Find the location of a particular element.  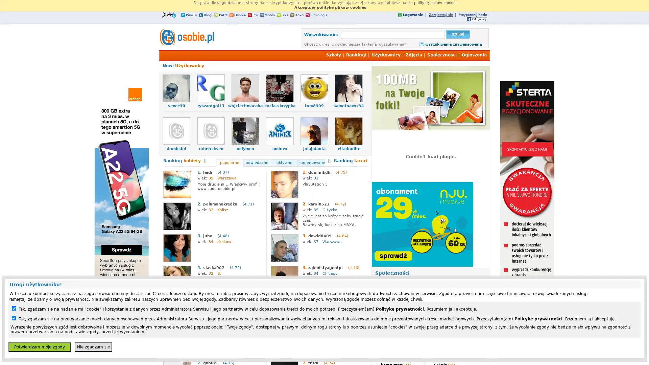

Nie zgadzam sie is located at coordinates (93, 347).